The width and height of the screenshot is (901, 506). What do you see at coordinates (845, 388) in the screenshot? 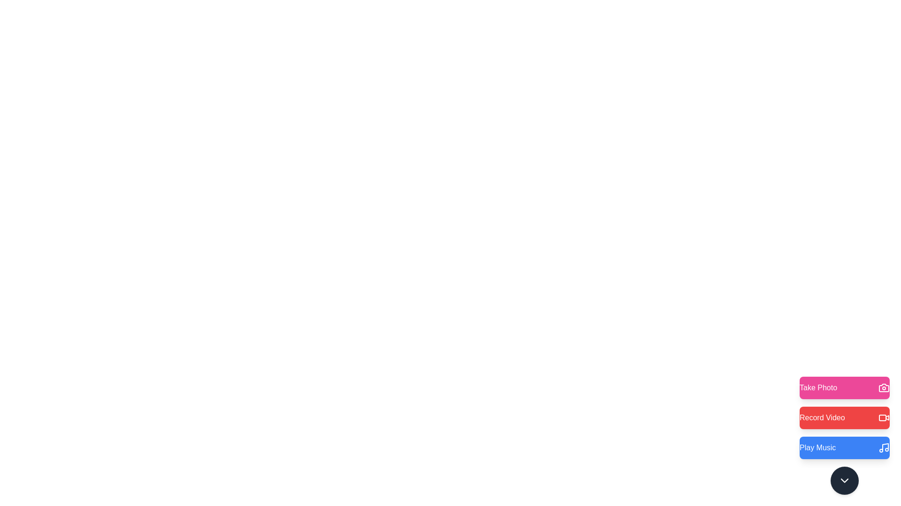
I see `the 'Take Photo' button` at bounding box center [845, 388].